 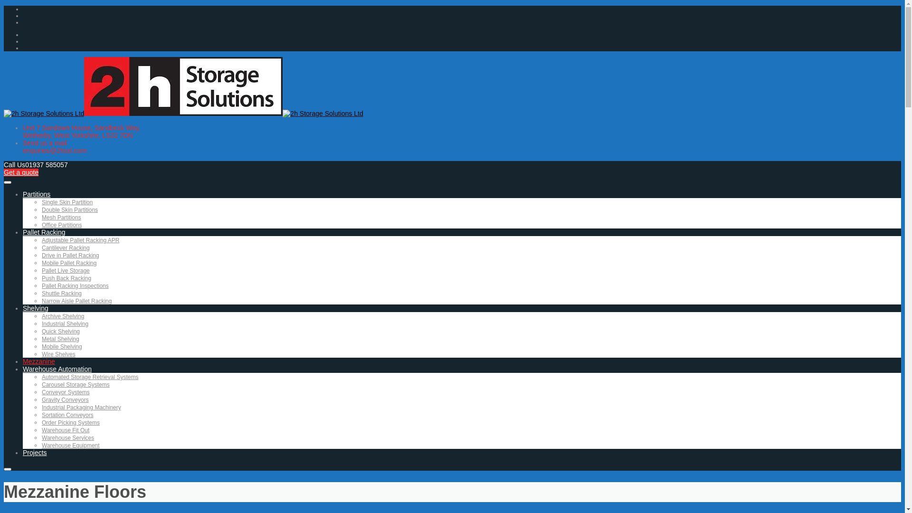 I want to click on 'Narrow Aisle Pallet Racking', so click(x=76, y=301).